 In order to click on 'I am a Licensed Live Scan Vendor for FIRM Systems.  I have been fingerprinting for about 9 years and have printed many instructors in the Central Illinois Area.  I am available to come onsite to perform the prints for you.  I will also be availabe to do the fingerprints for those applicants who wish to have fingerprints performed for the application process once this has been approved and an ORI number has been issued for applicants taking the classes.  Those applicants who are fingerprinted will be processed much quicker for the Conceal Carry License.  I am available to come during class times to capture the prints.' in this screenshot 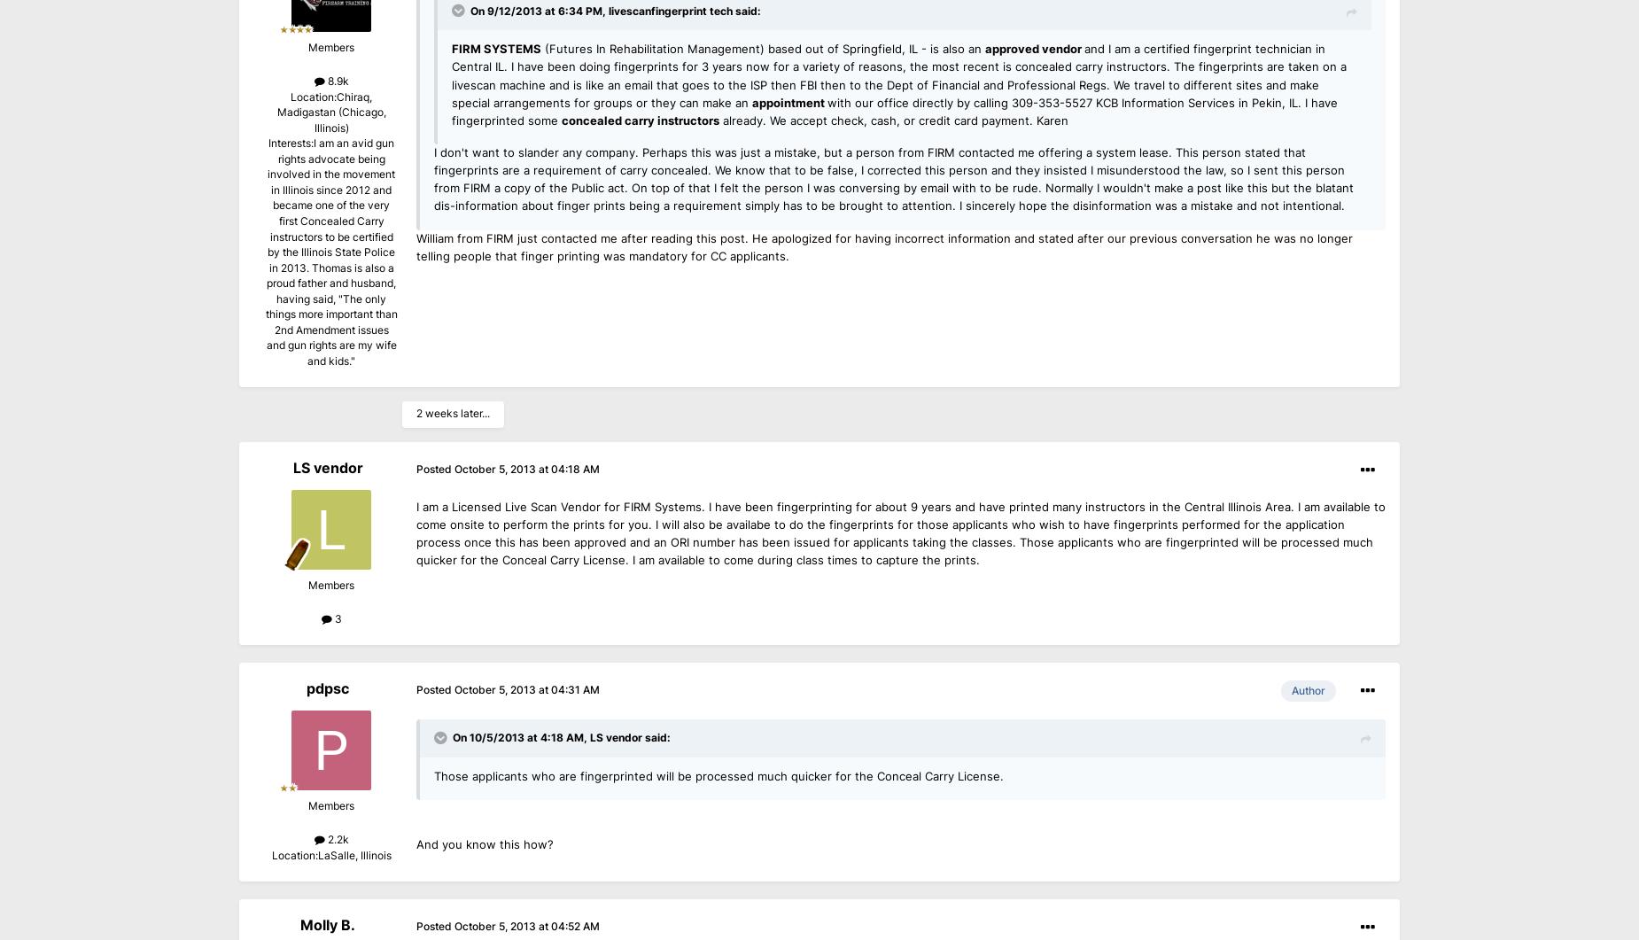, I will do `click(899, 532)`.